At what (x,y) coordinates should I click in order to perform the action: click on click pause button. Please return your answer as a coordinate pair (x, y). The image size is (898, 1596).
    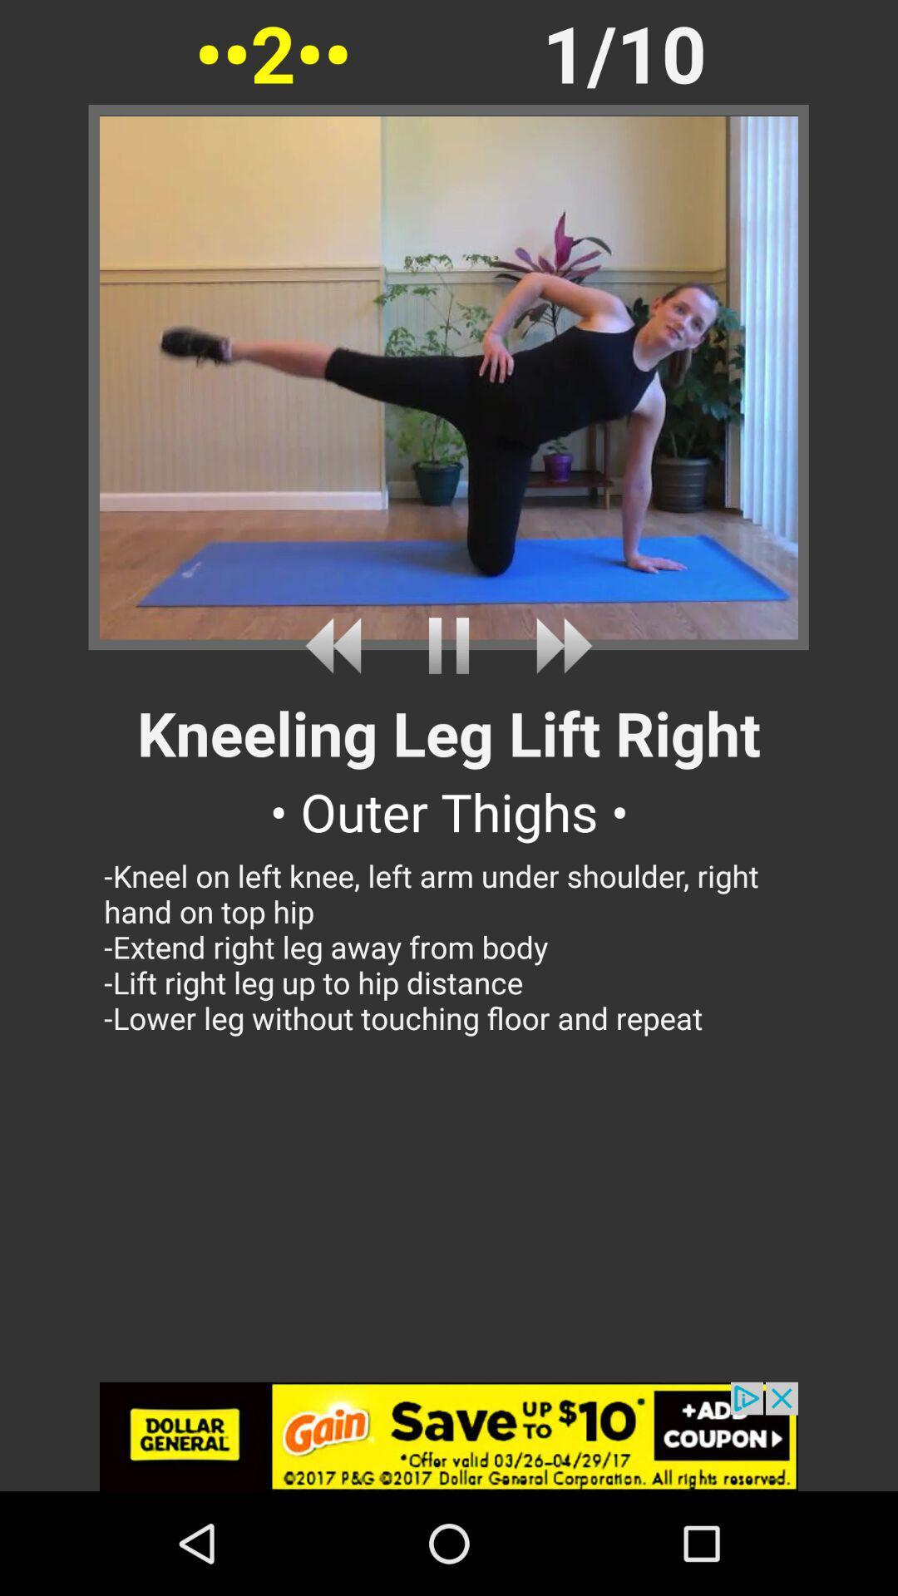
    Looking at the image, I should click on (449, 645).